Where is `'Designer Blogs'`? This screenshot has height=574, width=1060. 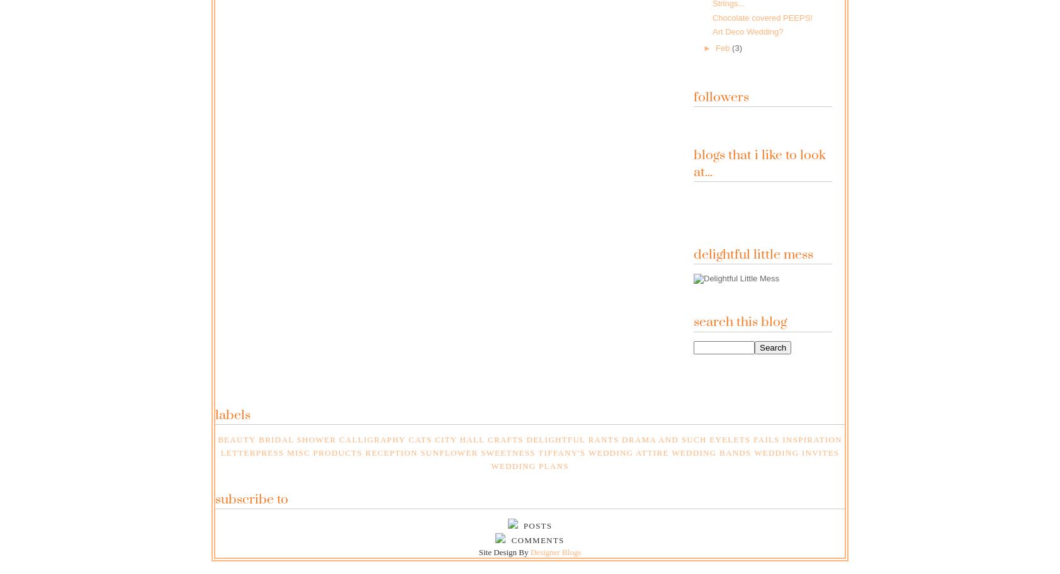 'Designer Blogs' is located at coordinates (555, 551).